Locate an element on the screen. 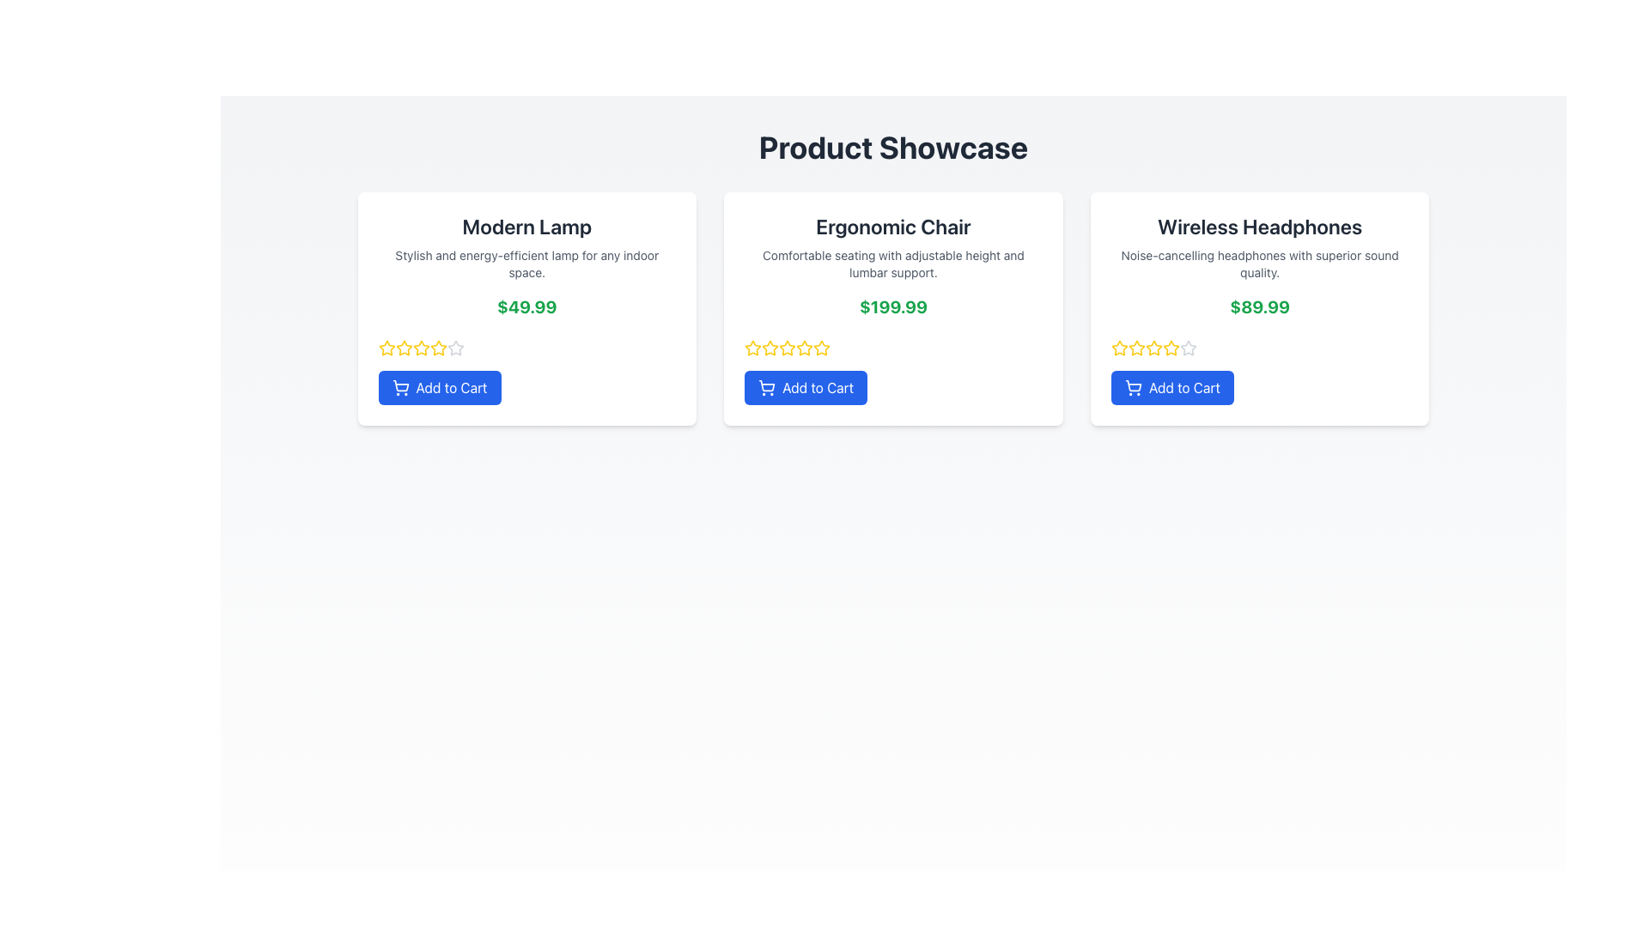  the fourth yellow star icon in the five-star rating system under the 'Wireless Headphones' product card is located at coordinates (1153, 348).